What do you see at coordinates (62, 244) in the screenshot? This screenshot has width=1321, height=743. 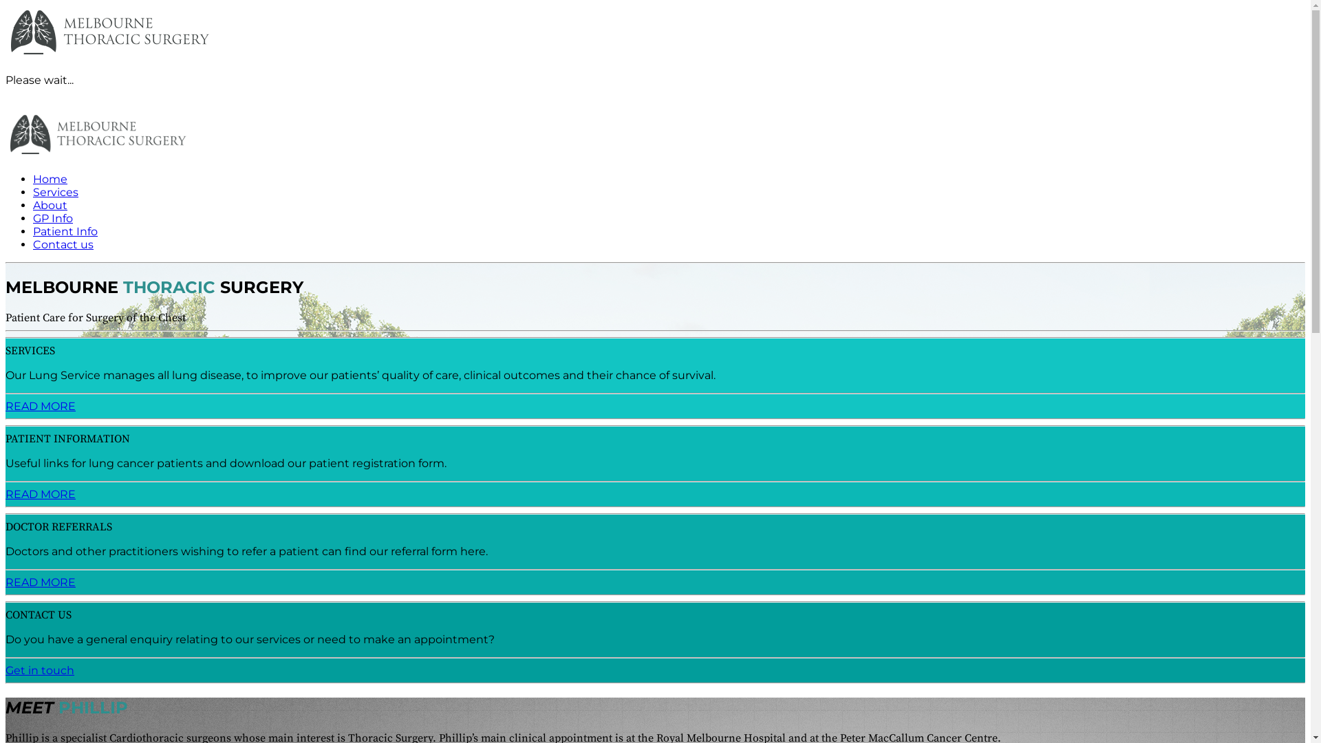 I see `'Contact us'` at bounding box center [62, 244].